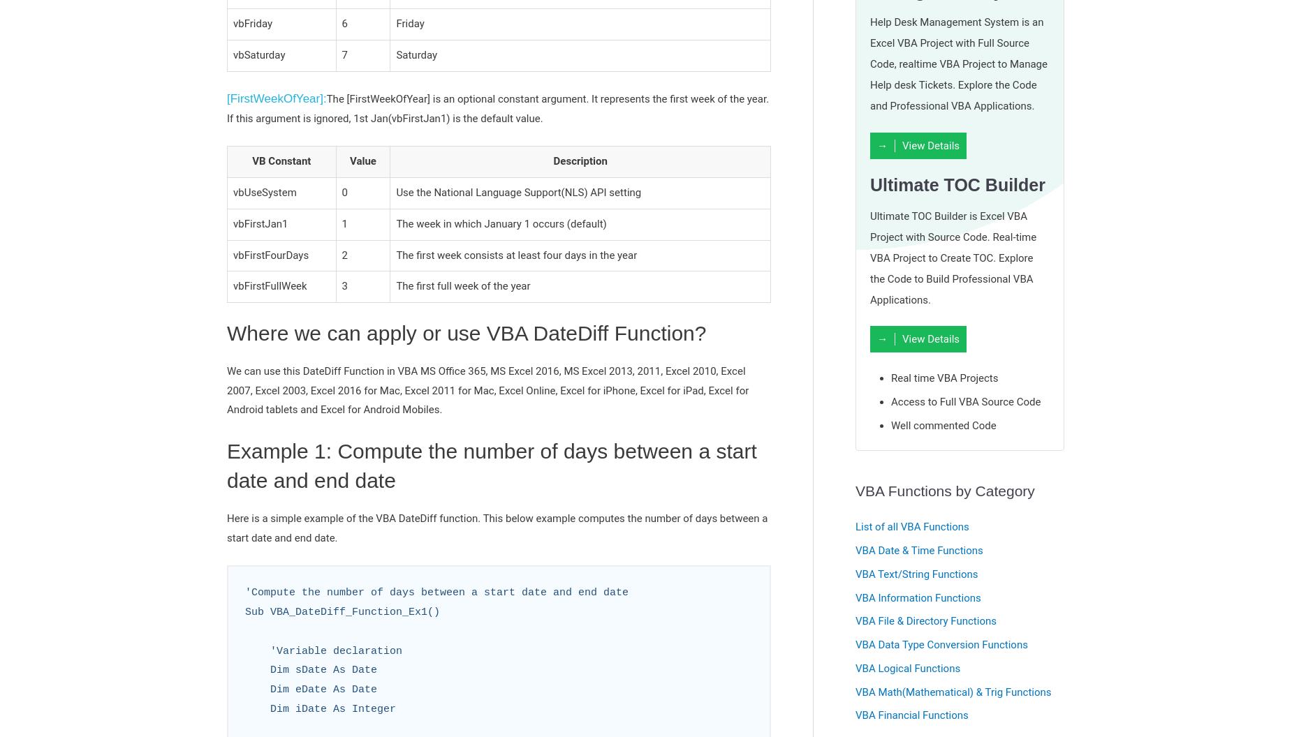 Image resolution: width=1292 pixels, height=737 pixels. Describe the element at coordinates (344, 54) in the screenshot. I see `'7'` at that location.